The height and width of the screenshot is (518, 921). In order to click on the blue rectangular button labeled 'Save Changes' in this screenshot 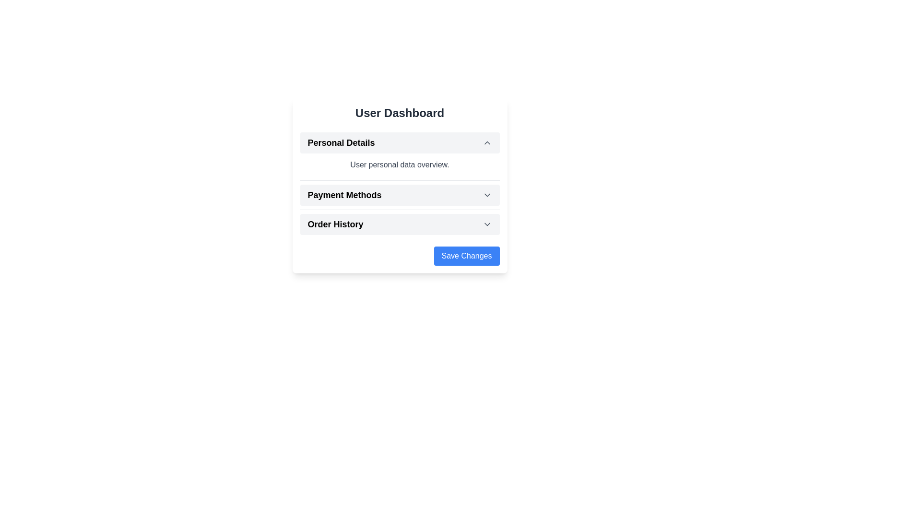, I will do `click(467, 255)`.